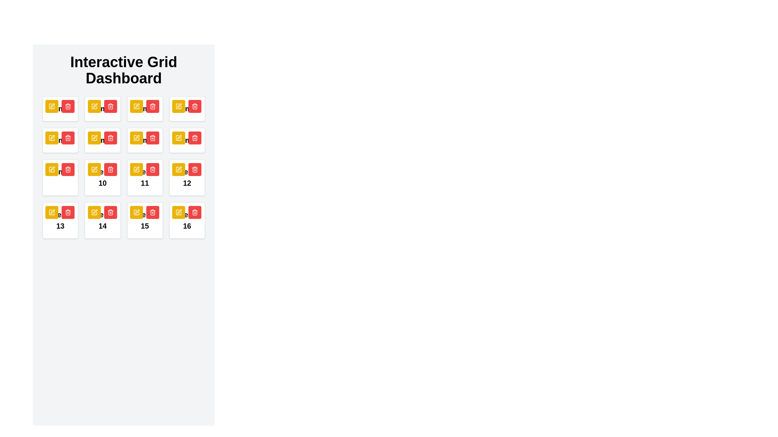  I want to click on the yellow button with rounded corners and a white border, located in the top-right corner of the card labeled '9', so click(94, 137).